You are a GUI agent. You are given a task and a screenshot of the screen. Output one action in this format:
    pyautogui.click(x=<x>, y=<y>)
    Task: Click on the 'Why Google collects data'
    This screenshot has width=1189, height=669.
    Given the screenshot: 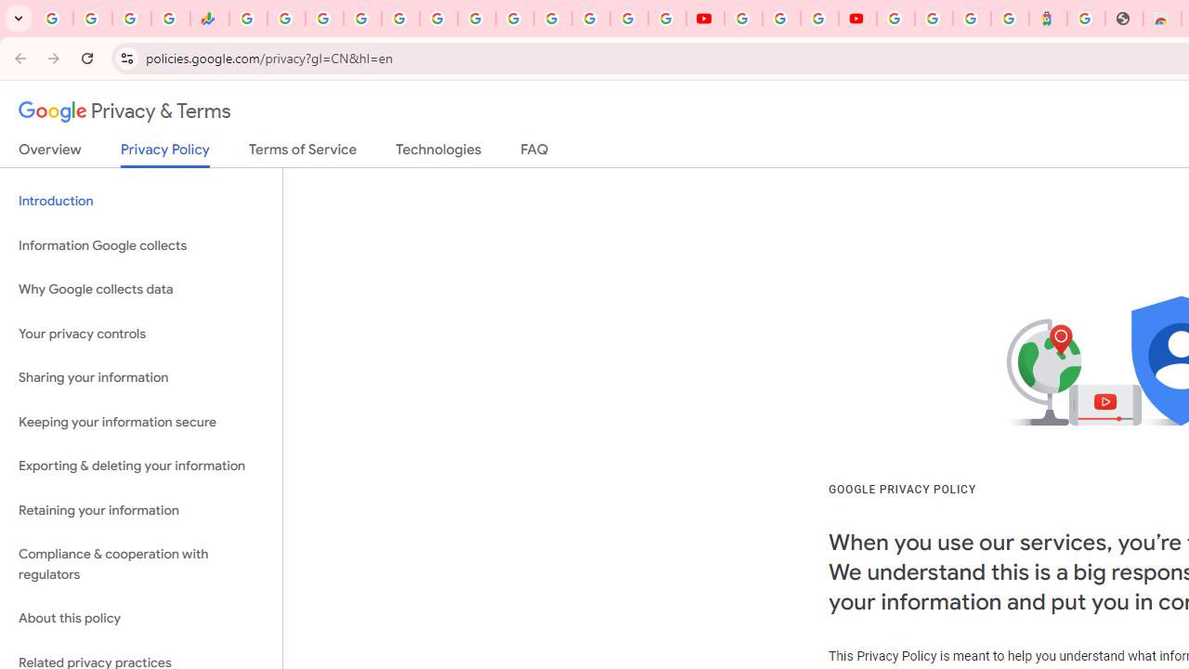 What is the action you would take?
    pyautogui.click(x=140, y=290)
    